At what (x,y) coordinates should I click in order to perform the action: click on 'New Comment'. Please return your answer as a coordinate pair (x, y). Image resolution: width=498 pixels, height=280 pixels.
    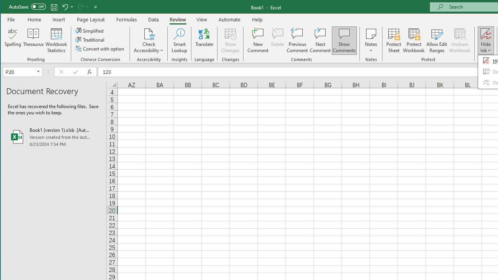
    Looking at the image, I should click on (258, 40).